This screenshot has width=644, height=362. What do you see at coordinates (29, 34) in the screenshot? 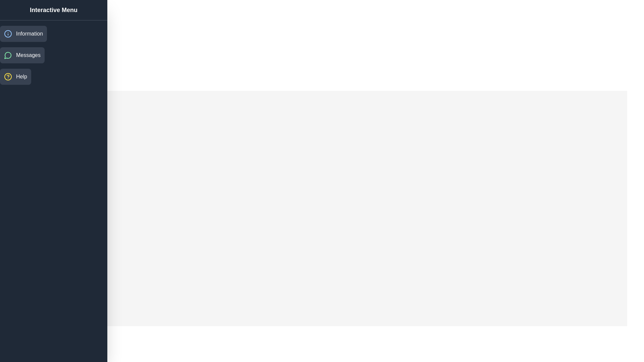
I see `text of the topmost menu item label located to the right of the 'i' icon in the vertically aligned menu on the left side of the interface` at bounding box center [29, 34].